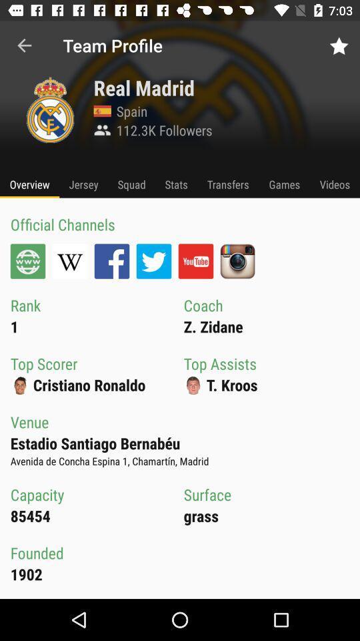 This screenshot has height=641, width=360. What do you see at coordinates (153, 260) in the screenshot?
I see `twitter sharing option` at bounding box center [153, 260].